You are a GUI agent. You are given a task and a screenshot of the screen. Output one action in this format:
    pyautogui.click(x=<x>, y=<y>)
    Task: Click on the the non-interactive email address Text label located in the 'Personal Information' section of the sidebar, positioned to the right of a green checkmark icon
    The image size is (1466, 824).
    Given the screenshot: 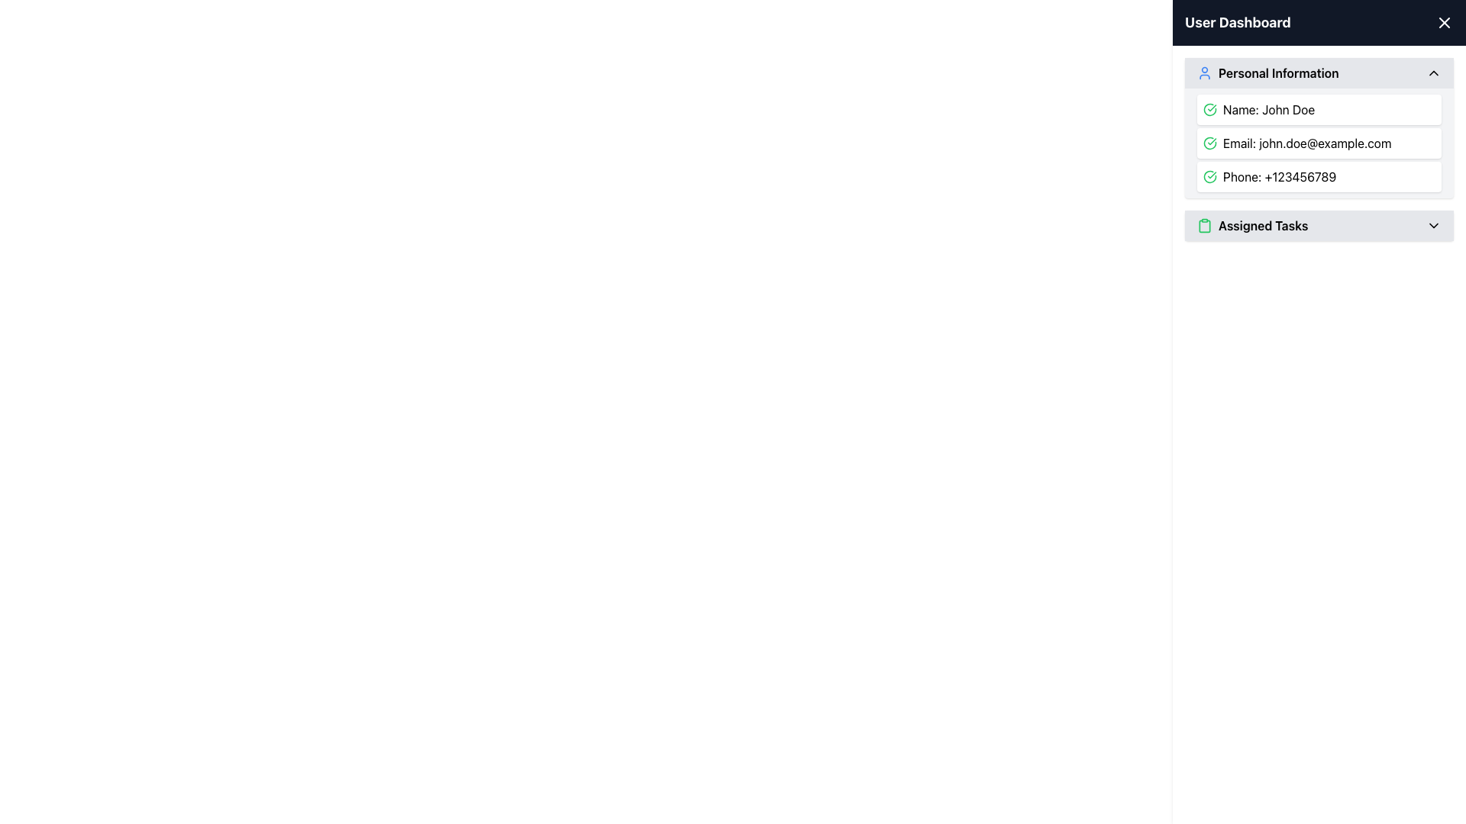 What is the action you would take?
    pyautogui.click(x=1306, y=143)
    